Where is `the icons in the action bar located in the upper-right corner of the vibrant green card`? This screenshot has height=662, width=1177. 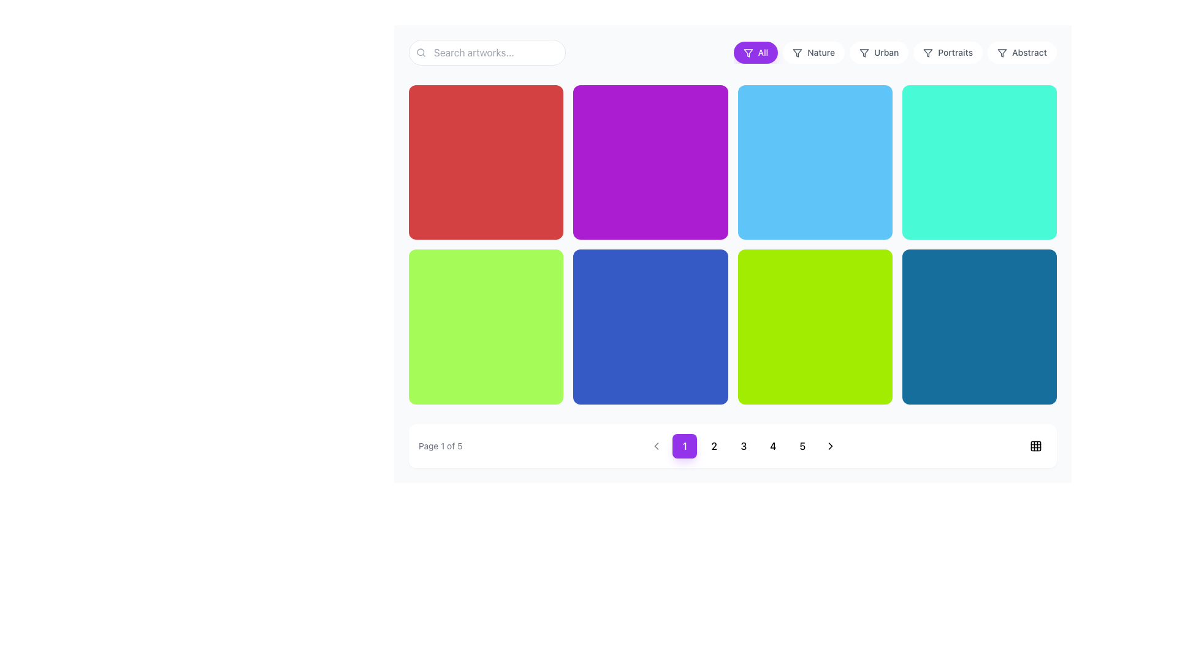 the icons in the action bar located in the upper-right corner of the vibrant green card is located at coordinates (866, 272).